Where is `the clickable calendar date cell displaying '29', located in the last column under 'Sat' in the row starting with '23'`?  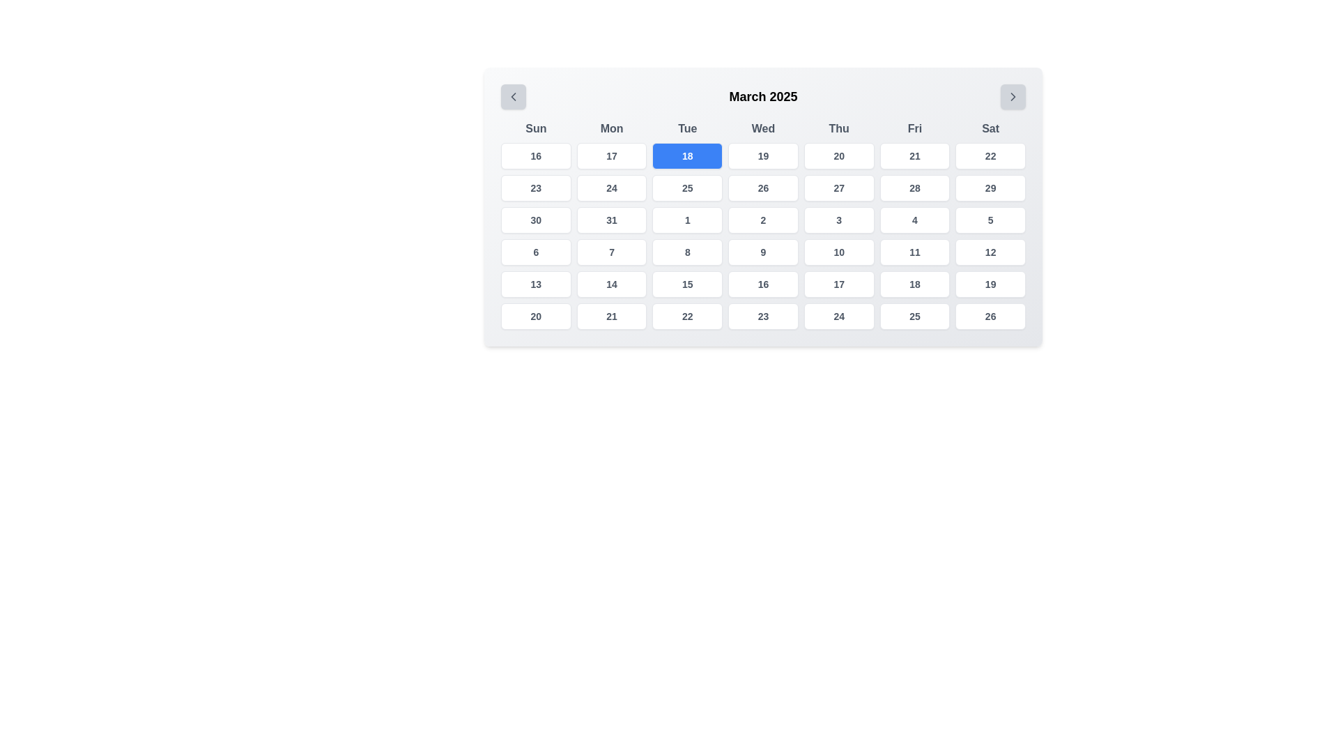 the clickable calendar date cell displaying '29', located in the last column under 'Sat' in the row starting with '23' is located at coordinates (990, 188).